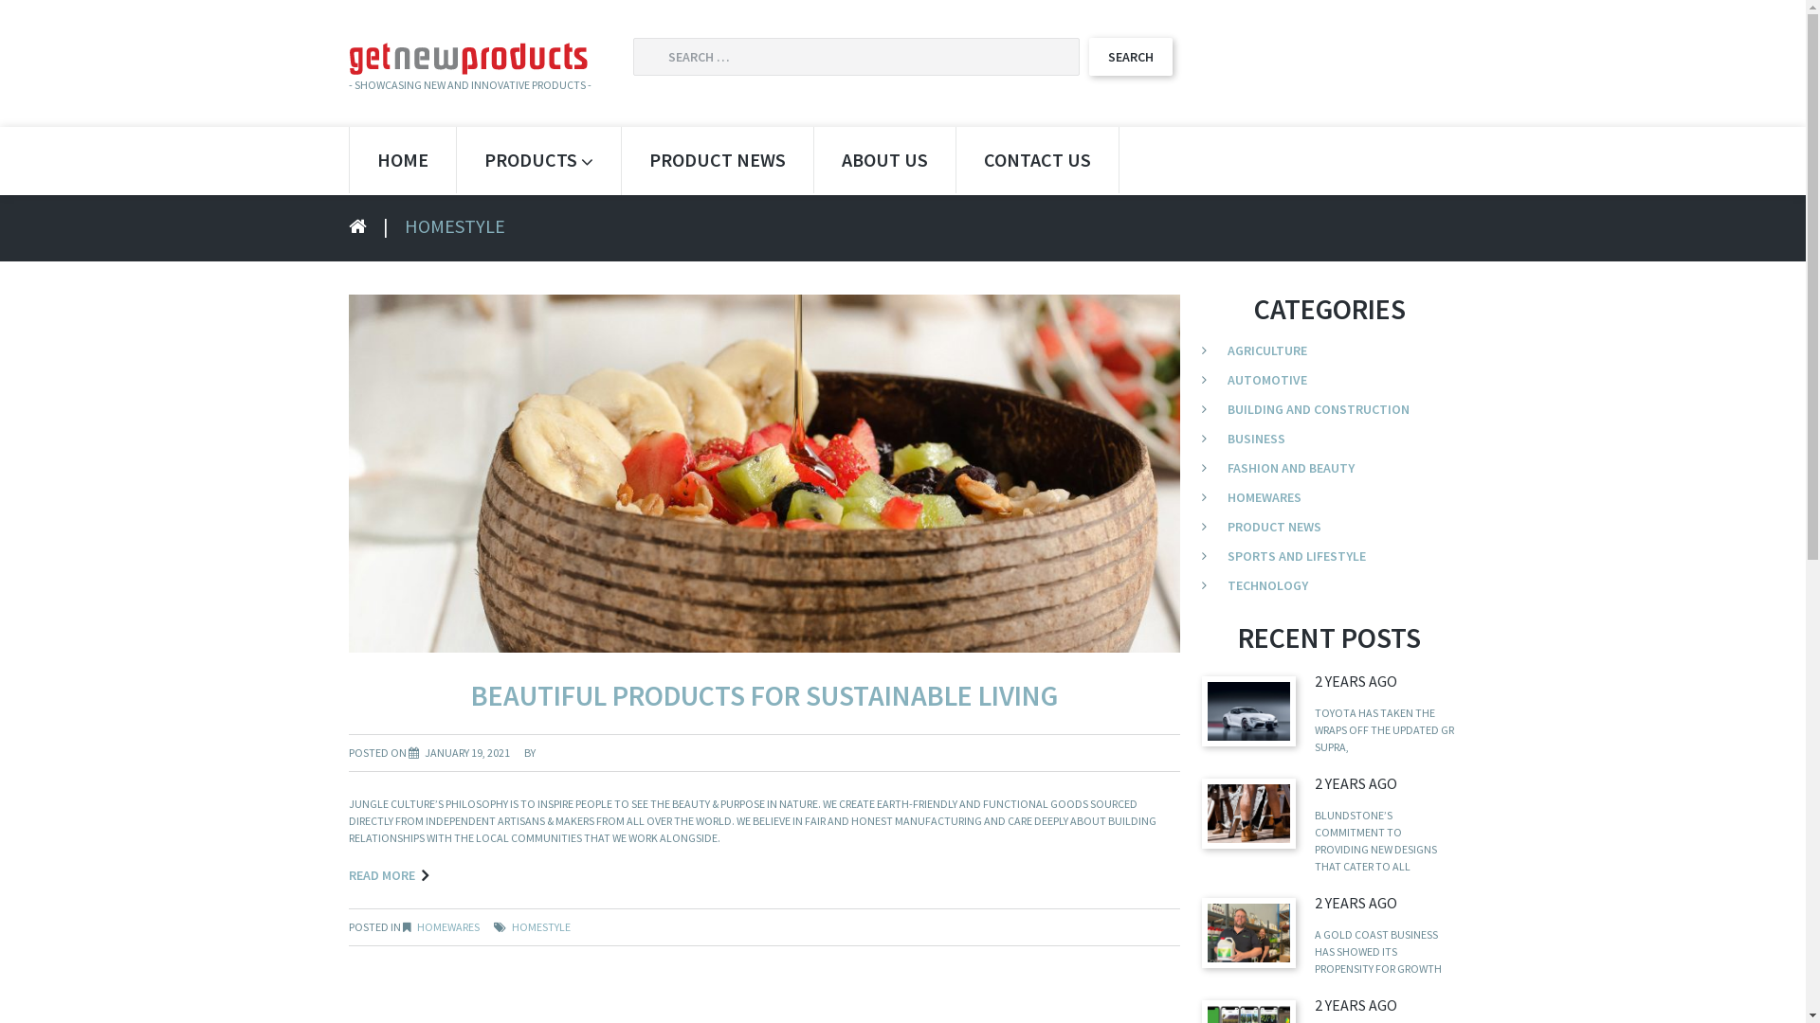 The height and width of the screenshot is (1023, 1820). What do you see at coordinates (1248, 812) in the screenshot?
I see `'The perfect crew boot'` at bounding box center [1248, 812].